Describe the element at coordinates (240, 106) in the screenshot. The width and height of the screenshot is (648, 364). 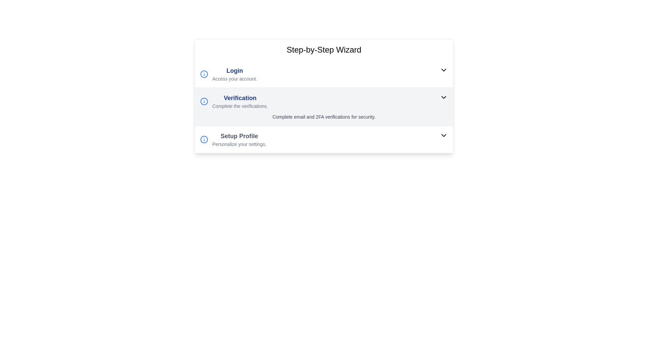
I see `the supplementary information text element that provides instructions for the 'Verification' step in the wizard interface, located directly beneath the 'Verification' heading` at that location.